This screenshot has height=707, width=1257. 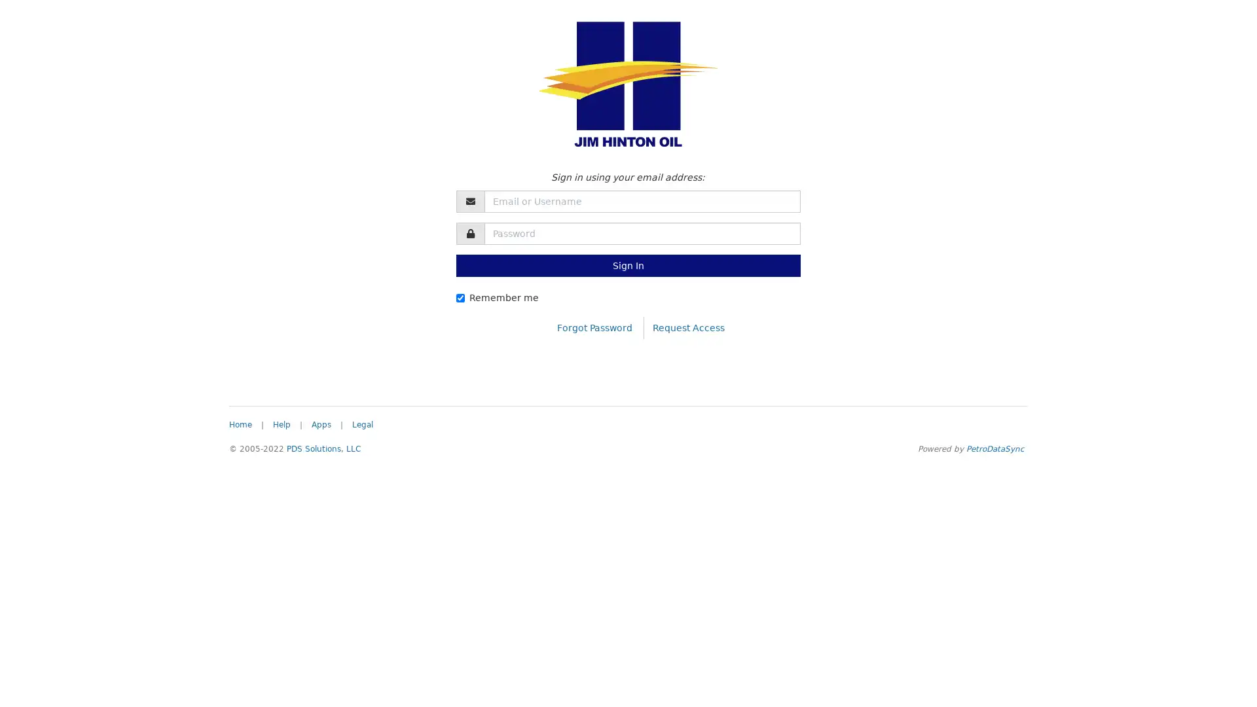 What do you see at coordinates (627, 265) in the screenshot?
I see `Sign In` at bounding box center [627, 265].